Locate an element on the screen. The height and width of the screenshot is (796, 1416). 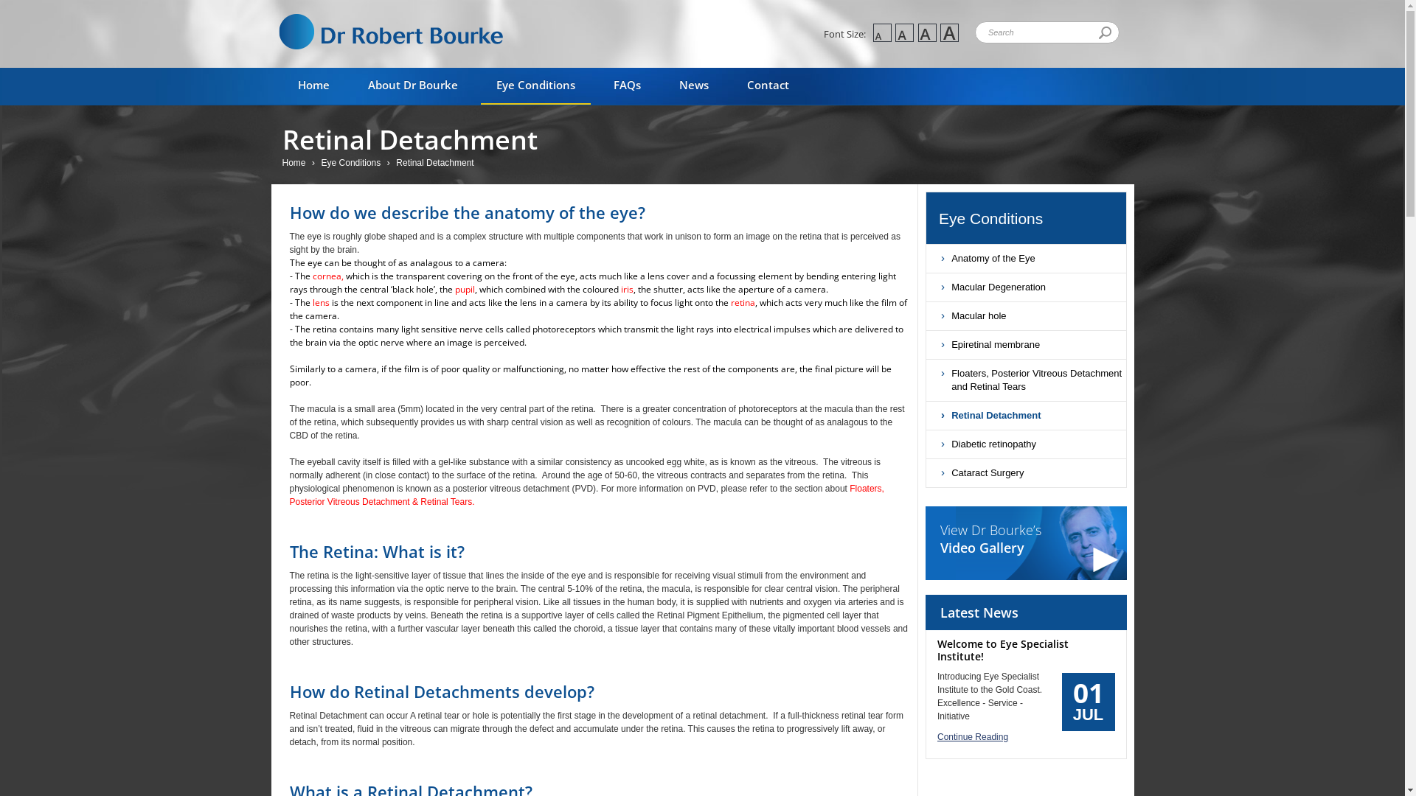
'Continue Reading' is located at coordinates (1025, 736).